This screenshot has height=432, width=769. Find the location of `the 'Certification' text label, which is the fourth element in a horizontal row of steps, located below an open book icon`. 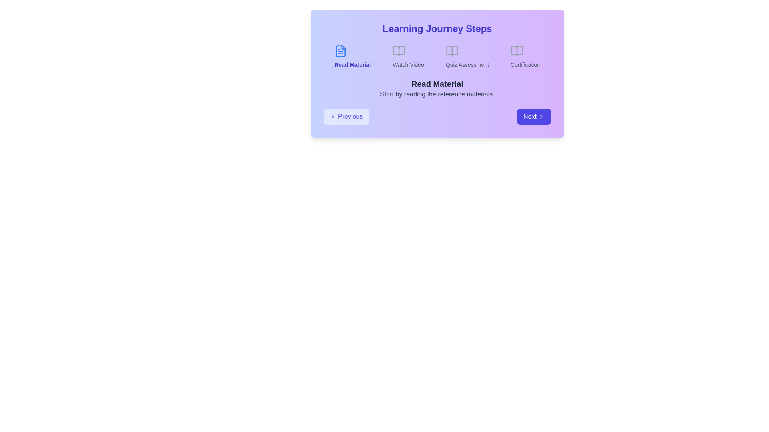

the 'Certification' text label, which is the fourth element in a horizontal row of steps, located below an open book icon is located at coordinates (525, 64).